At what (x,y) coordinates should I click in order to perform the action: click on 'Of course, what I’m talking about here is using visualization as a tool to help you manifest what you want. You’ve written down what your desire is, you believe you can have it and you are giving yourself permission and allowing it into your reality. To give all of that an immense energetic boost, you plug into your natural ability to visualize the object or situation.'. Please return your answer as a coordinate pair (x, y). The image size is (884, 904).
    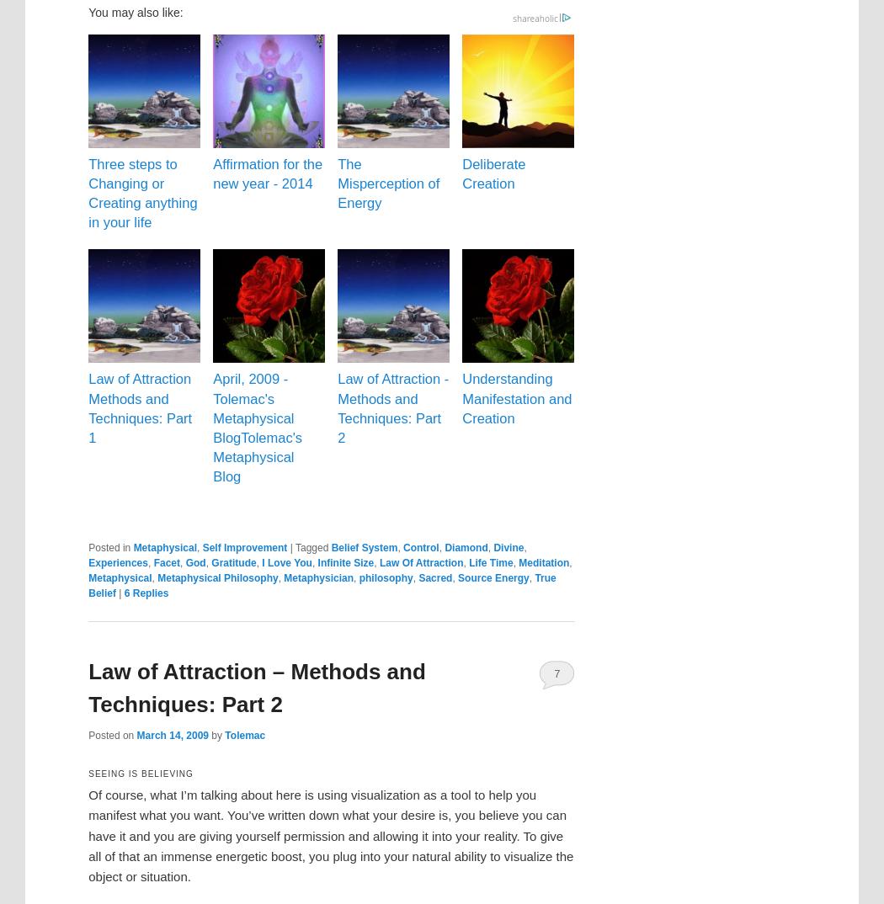
    Looking at the image, I should click on (331, 834).